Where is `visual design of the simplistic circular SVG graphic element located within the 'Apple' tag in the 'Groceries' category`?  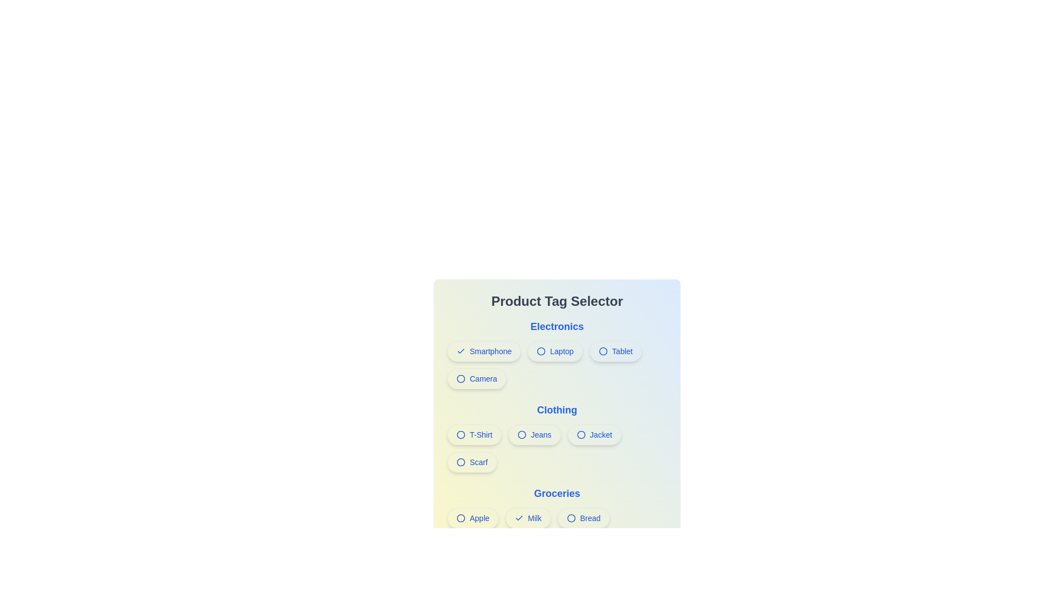 visual design of the simplistic circular SVG graphic element located within the 'Apple' tag in the 'Groceries' category is located at coordinates (461, 518).